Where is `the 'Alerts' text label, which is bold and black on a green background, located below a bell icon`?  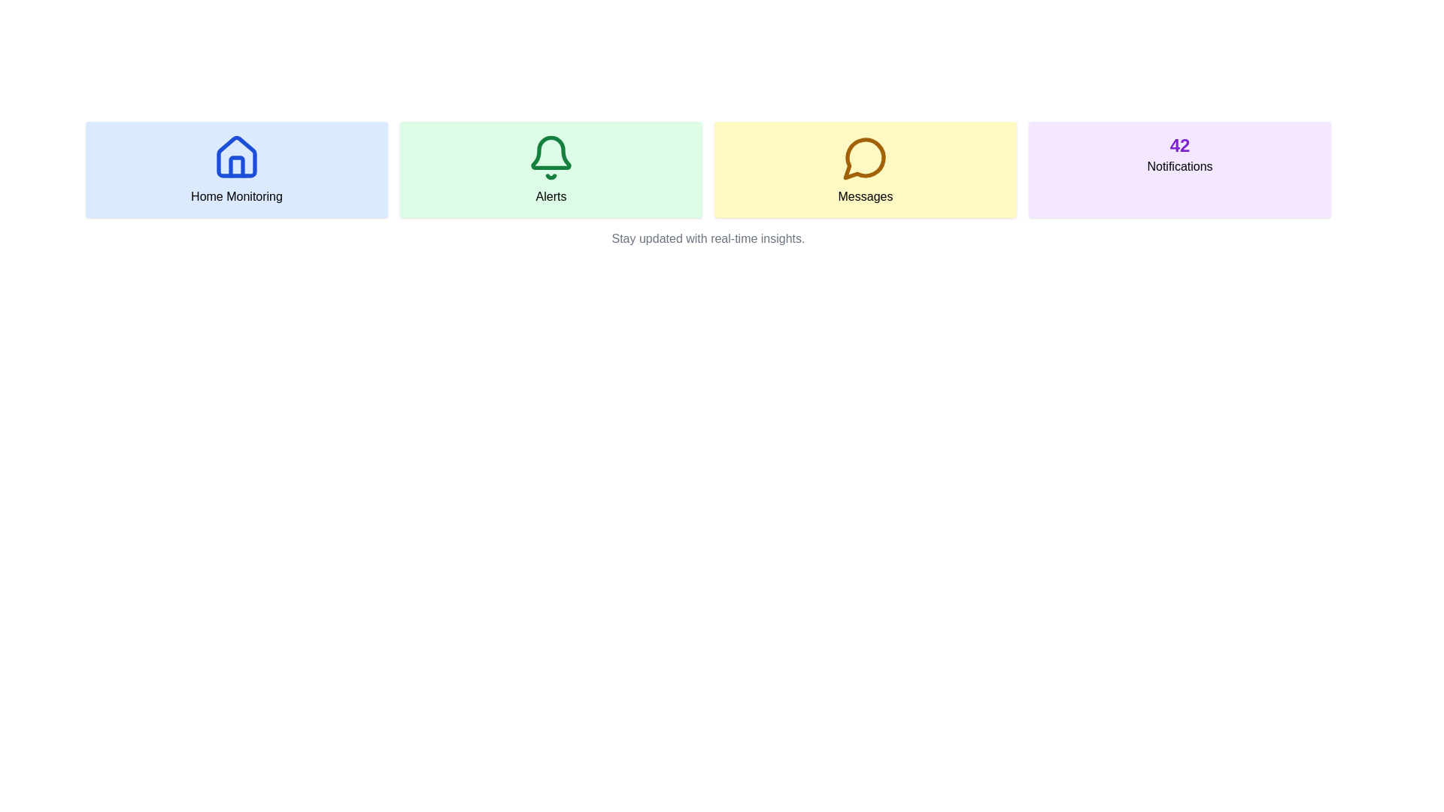 the 'Alerts' text label, which is bold and black on a green background, located below a bell icon is located at coordinates (551, 196).